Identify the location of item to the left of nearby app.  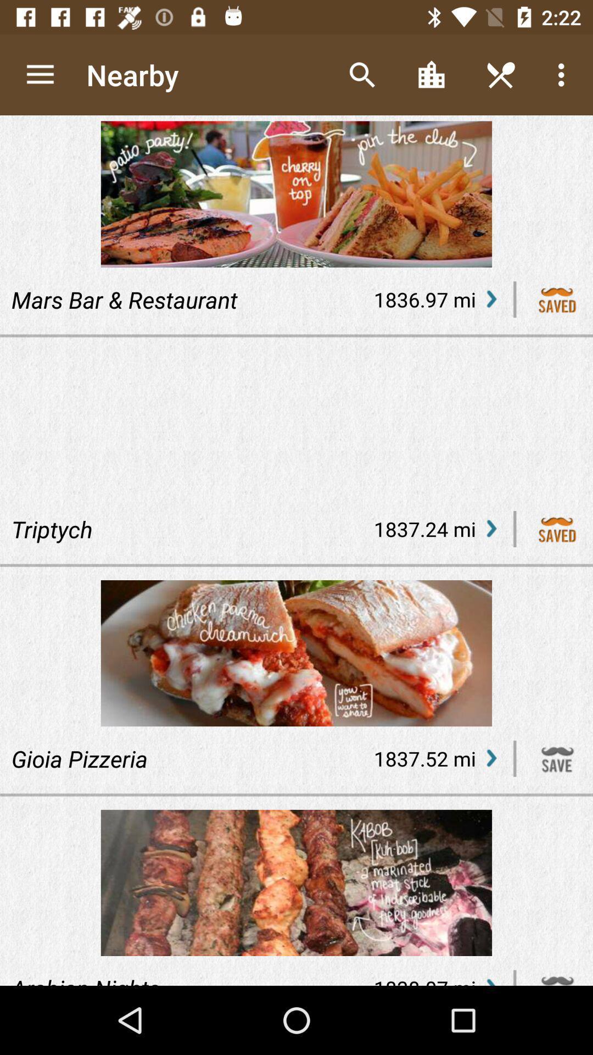
(40, 74).